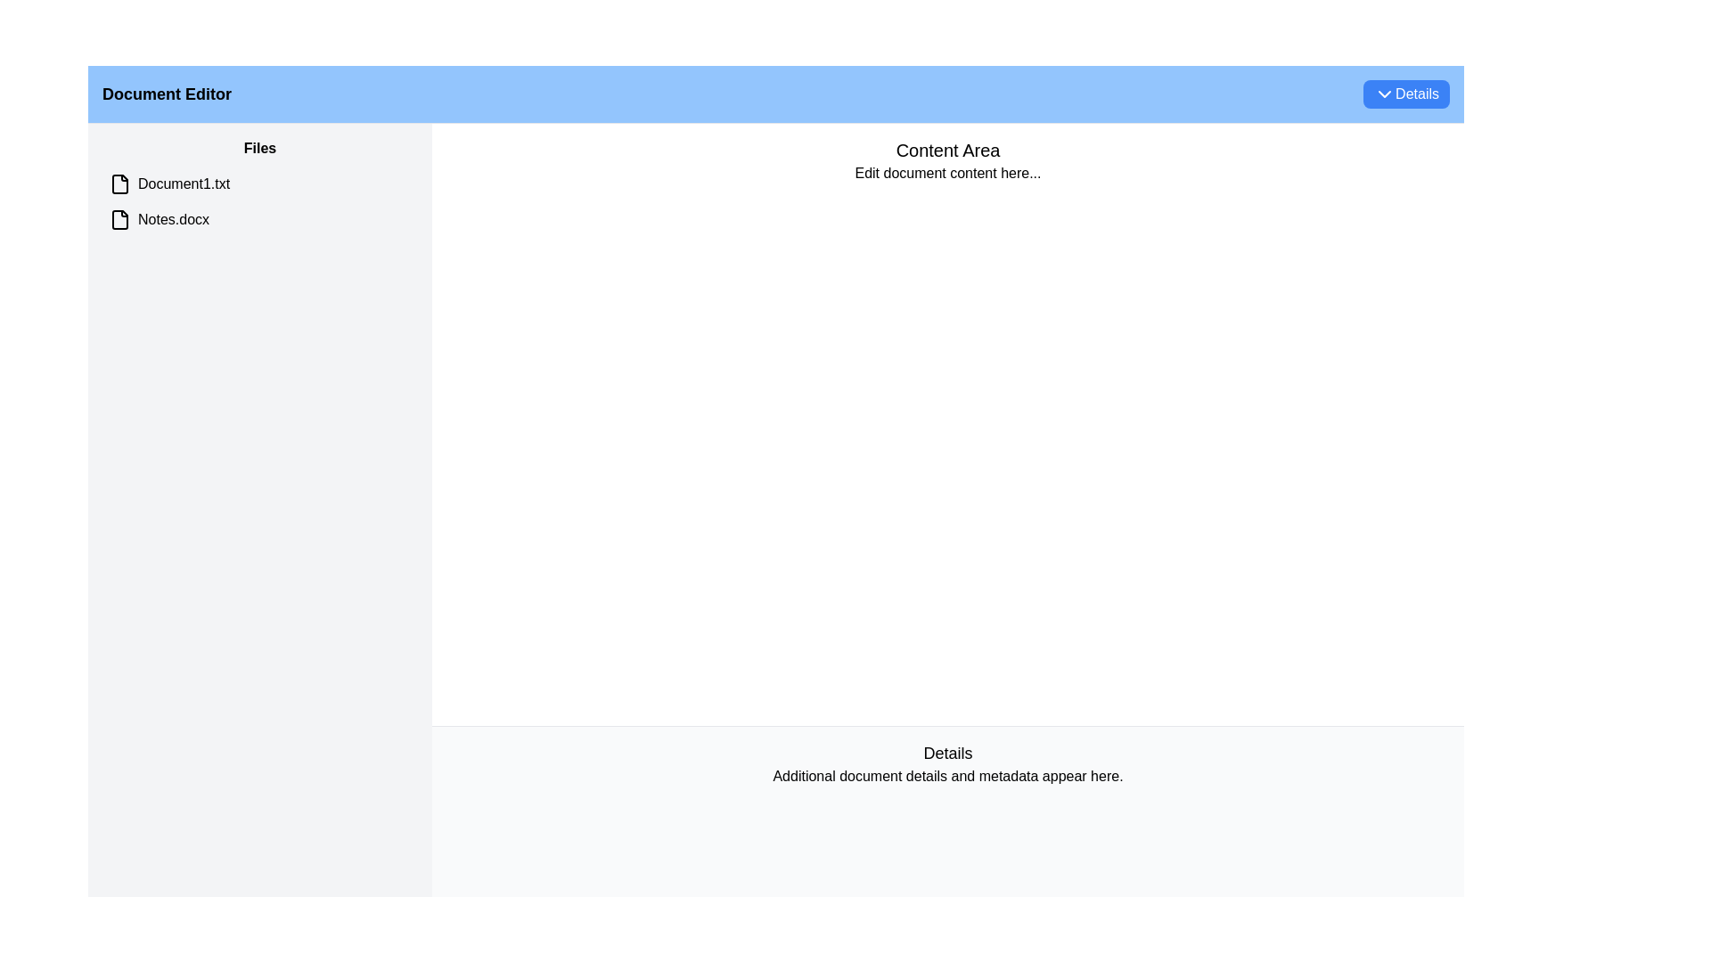  What do you see at coordinates (119, 184) in the screenshot?
I see `the file icon representing 'Document1.txt', which is styled with a standard file outline and a slight fold at the top-right corner, located in the top-left region of the application interface` at bounding box center [119, 184].